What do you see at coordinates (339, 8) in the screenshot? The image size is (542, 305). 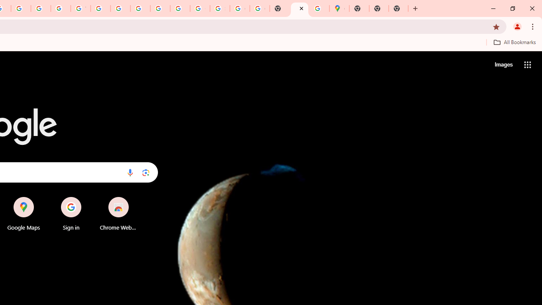 I see `'Google Maps'` at bounding box center [339, 8].